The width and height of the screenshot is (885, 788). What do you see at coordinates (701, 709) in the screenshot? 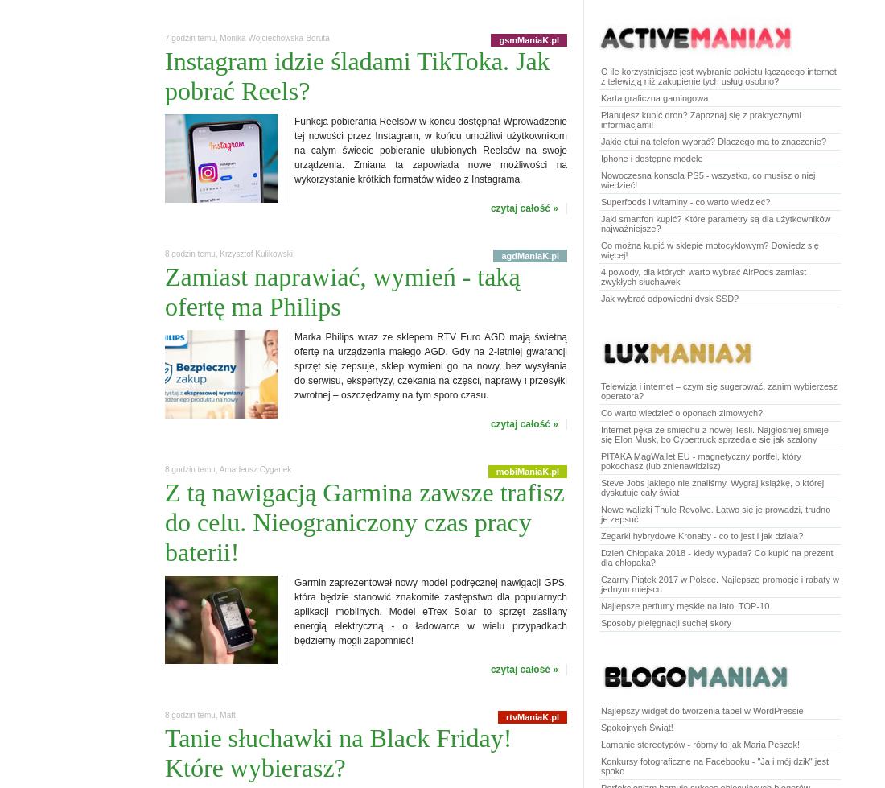
I see `'Najlepszy widget do tworzenia tabel w WordPressie'` at bounding box center [701, 709].